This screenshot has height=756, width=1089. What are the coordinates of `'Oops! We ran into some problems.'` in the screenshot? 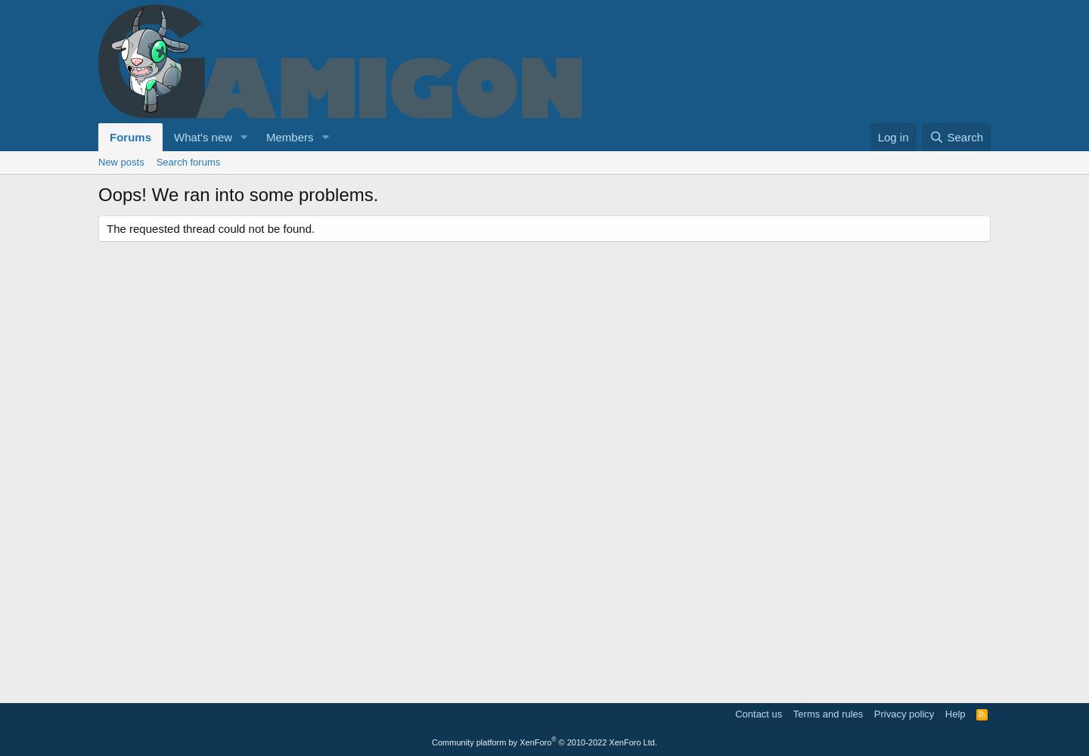 It's located at (238, 194).